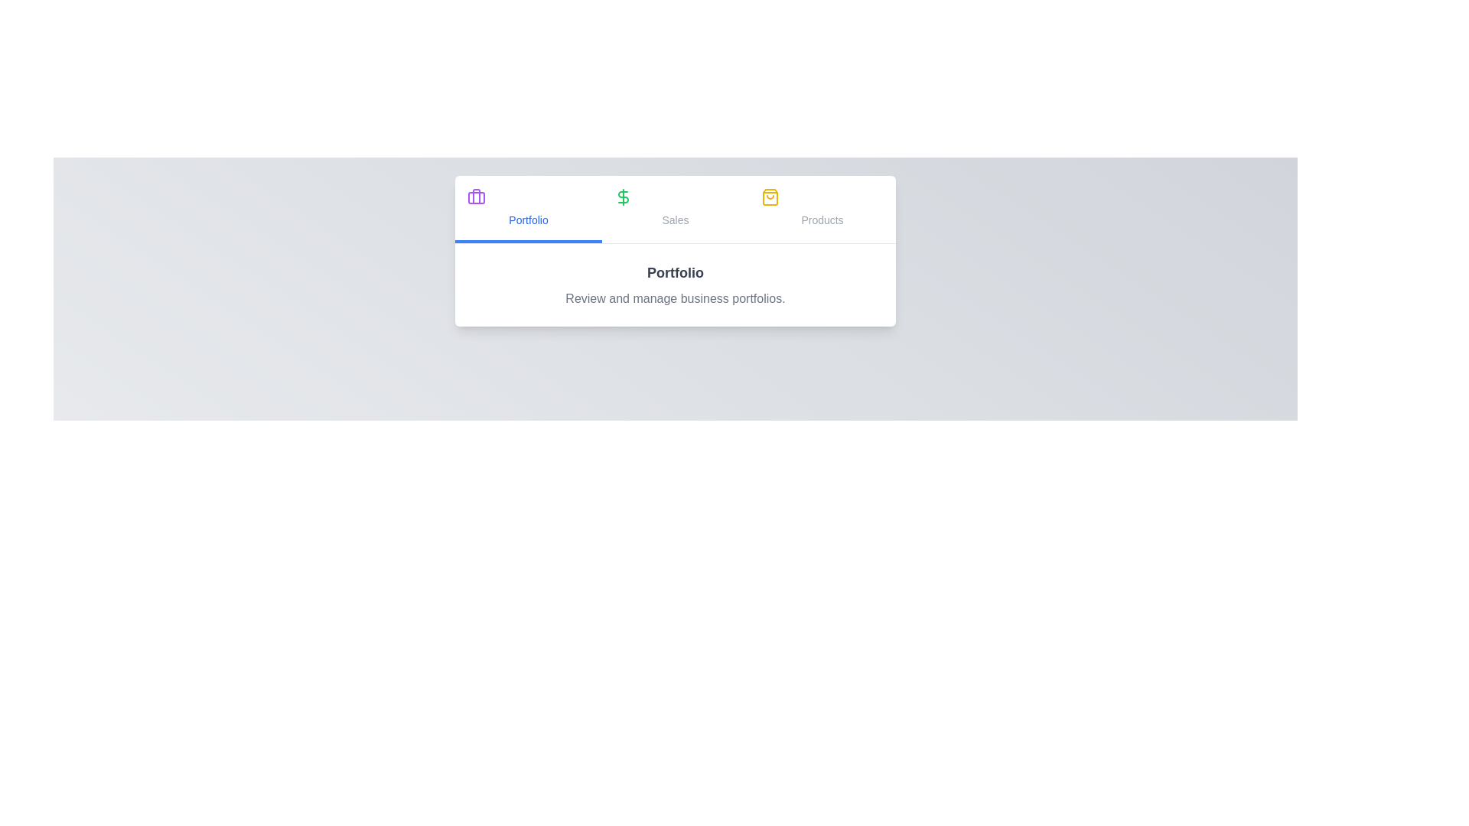 This screenshot has height=826, width=1469. I want to click on the Products tab, so click(822, 209).